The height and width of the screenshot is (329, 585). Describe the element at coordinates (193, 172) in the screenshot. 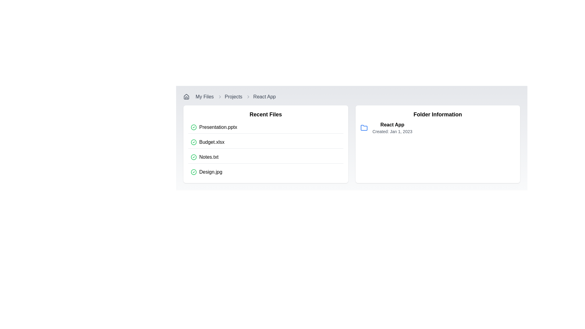

I see `the green circular icon with a checkmark, located to the left of the 'Design.jpg' filename in the Recent Files table` at that location.